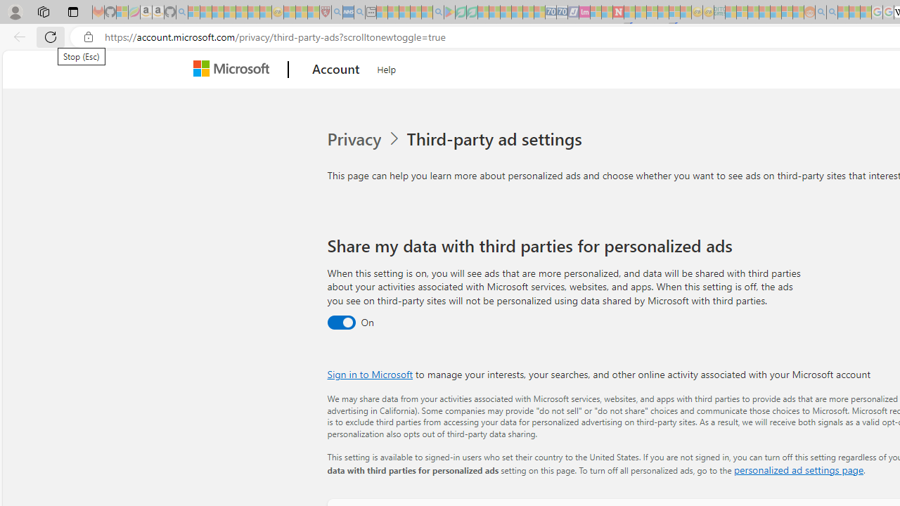 The width and height of the screenshot is (900, 506). Describe the element at coordinates (618, 12) in the screenshot. I see `'Latest Politics News & Archive | Newsweek.com - Sleeping'` at that location.